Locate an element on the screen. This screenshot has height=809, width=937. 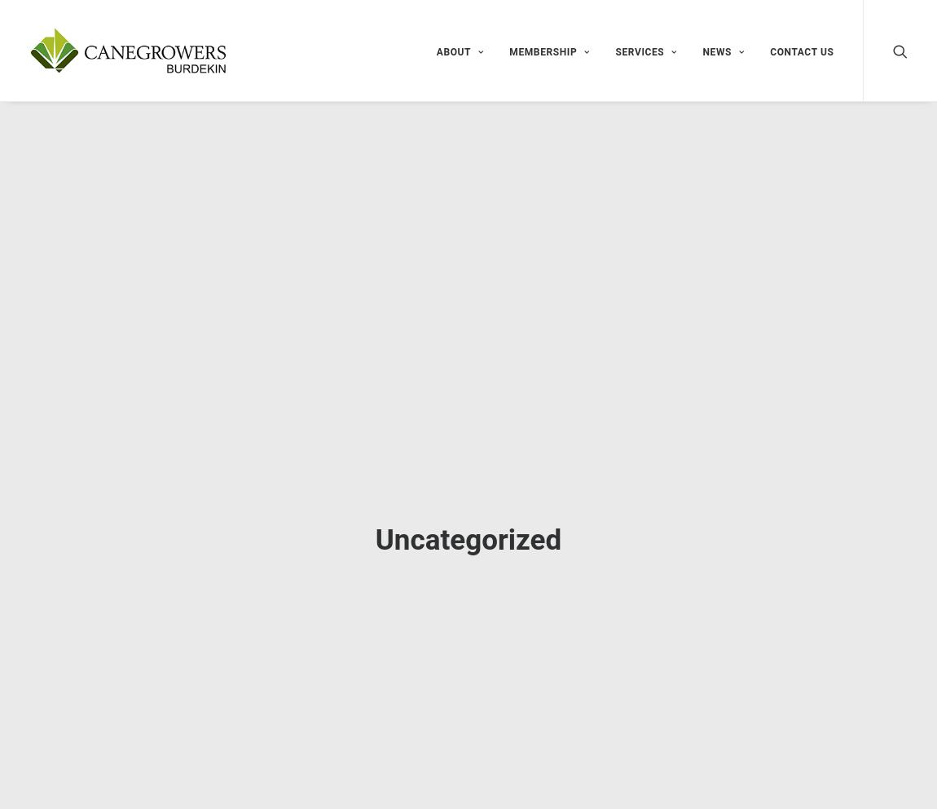
'Nothing Found' is located at coordinates (150, 298).